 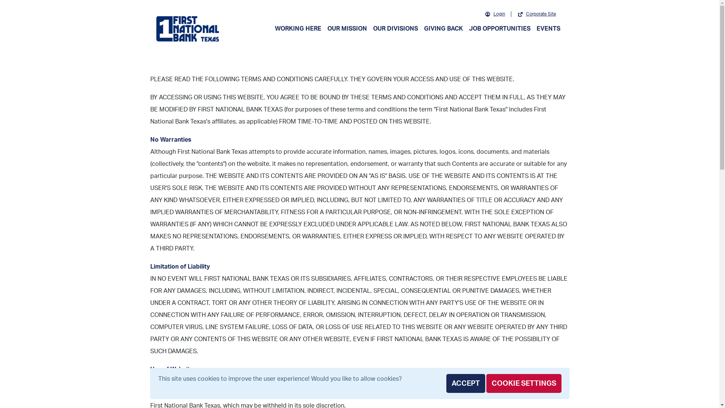 What do you see at coordinates (446, 383) in the screenshot?
I see `'ACCEPT'` at bounding box center [446, 383].